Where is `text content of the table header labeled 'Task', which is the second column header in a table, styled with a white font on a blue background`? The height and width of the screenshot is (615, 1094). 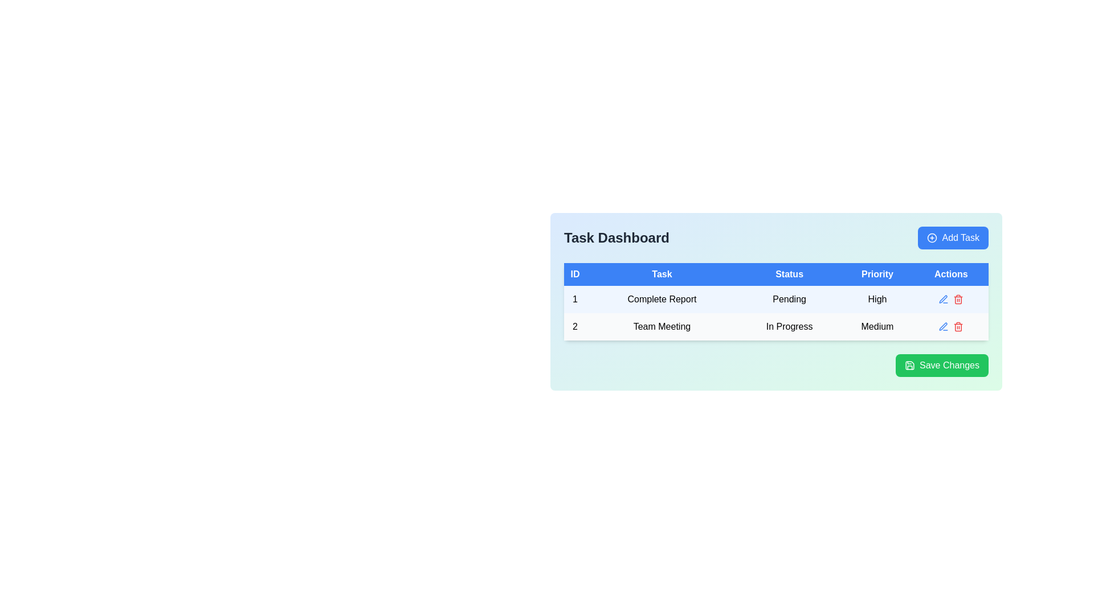
text content of the table header labeled 'Task', which is the second column header in a table, styled with a white font on a blue background is located at coordinates (662, 274).